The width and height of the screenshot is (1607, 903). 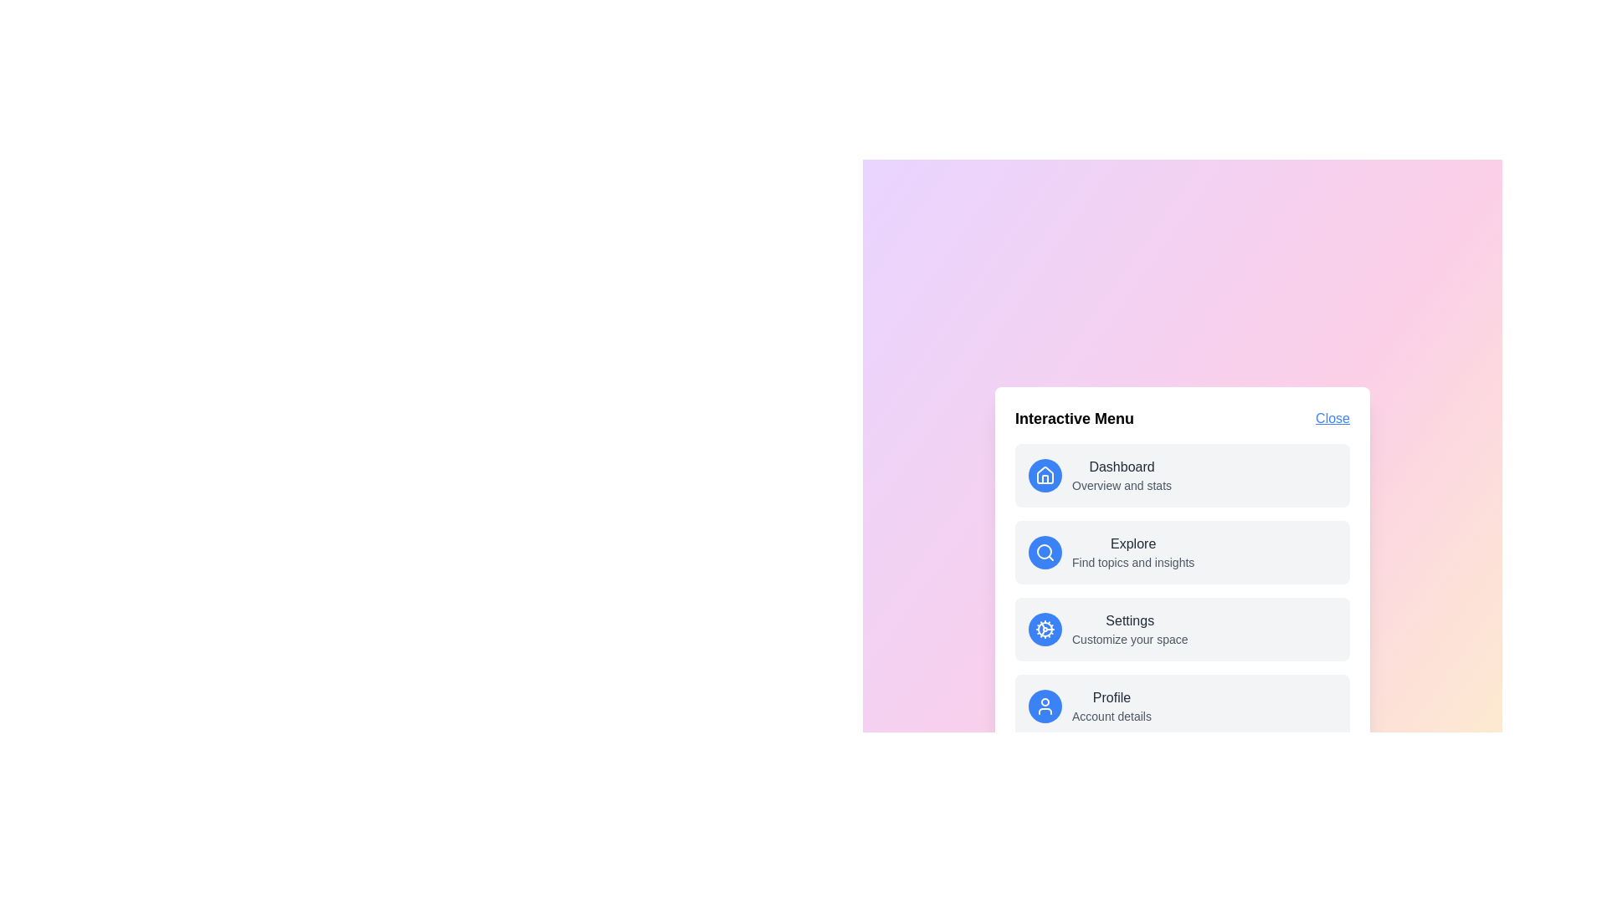 I want to click on the icon corresponding to Dashboard, so click(x=1044, y=476).